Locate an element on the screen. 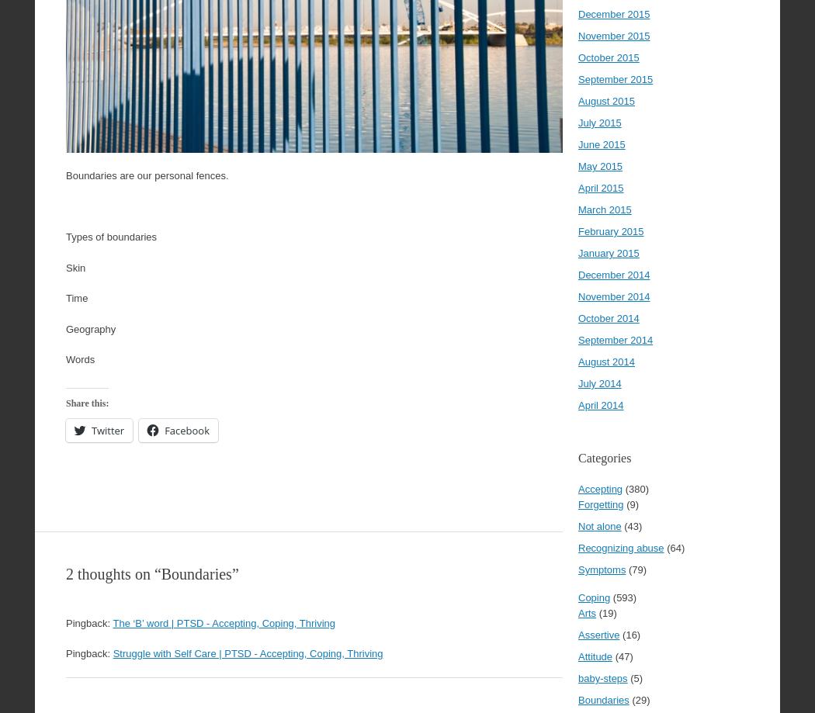  '(19)' is located at coordinates (605, 613).